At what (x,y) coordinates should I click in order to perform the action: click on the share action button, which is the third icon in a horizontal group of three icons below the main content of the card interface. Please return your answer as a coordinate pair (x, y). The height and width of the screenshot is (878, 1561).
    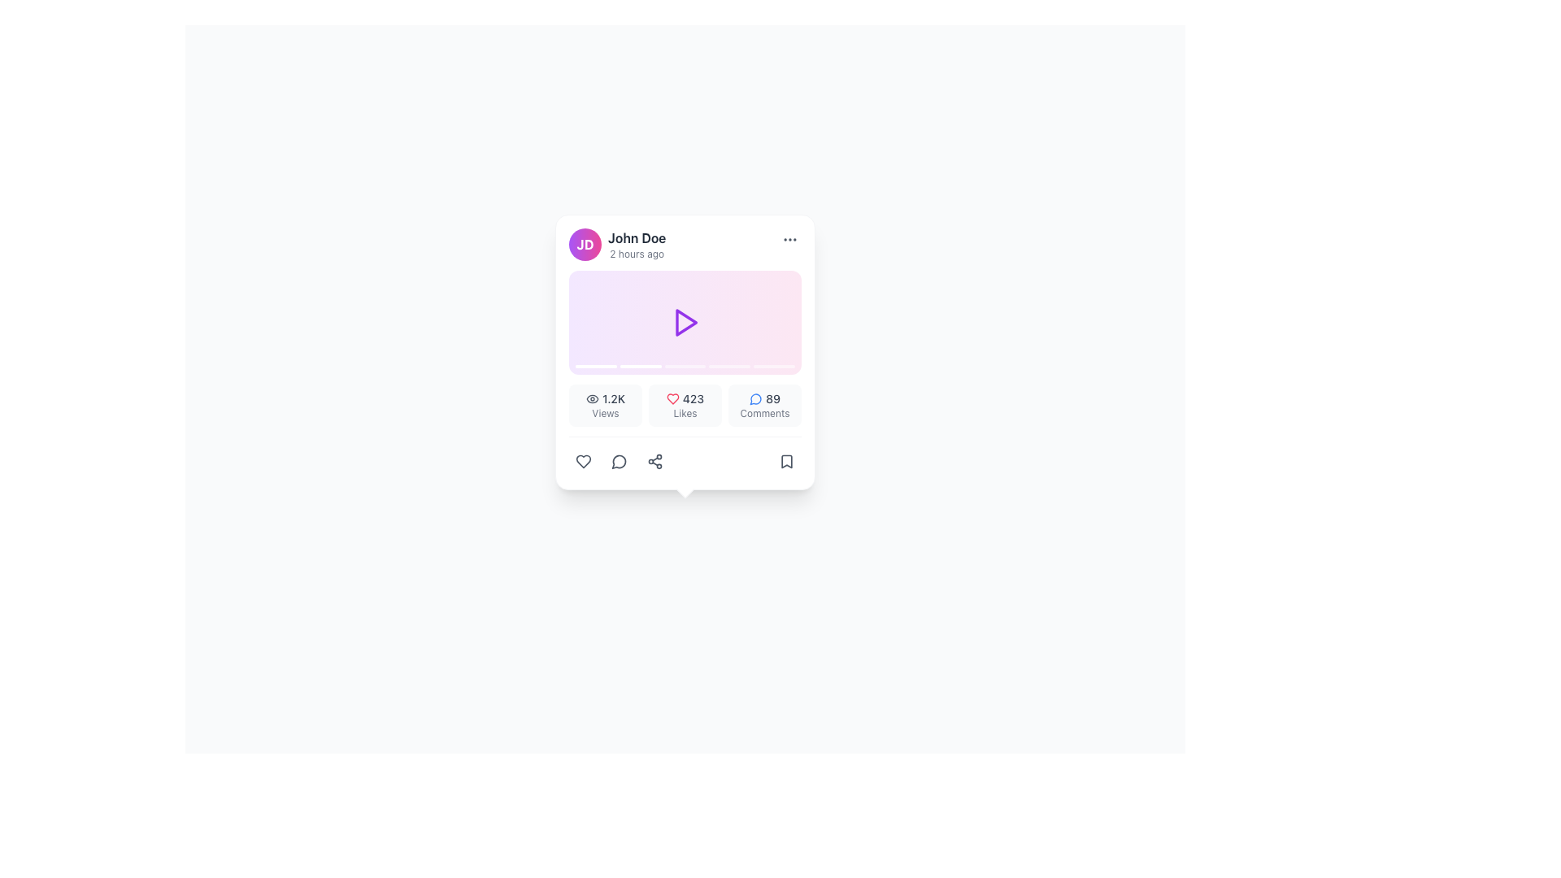
    Looking at the image, I should click on (655, 461).